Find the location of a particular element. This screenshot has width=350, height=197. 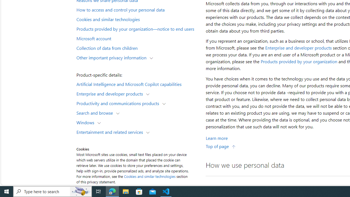

'Products provided by your organization' is located at coordinates (299, 62).